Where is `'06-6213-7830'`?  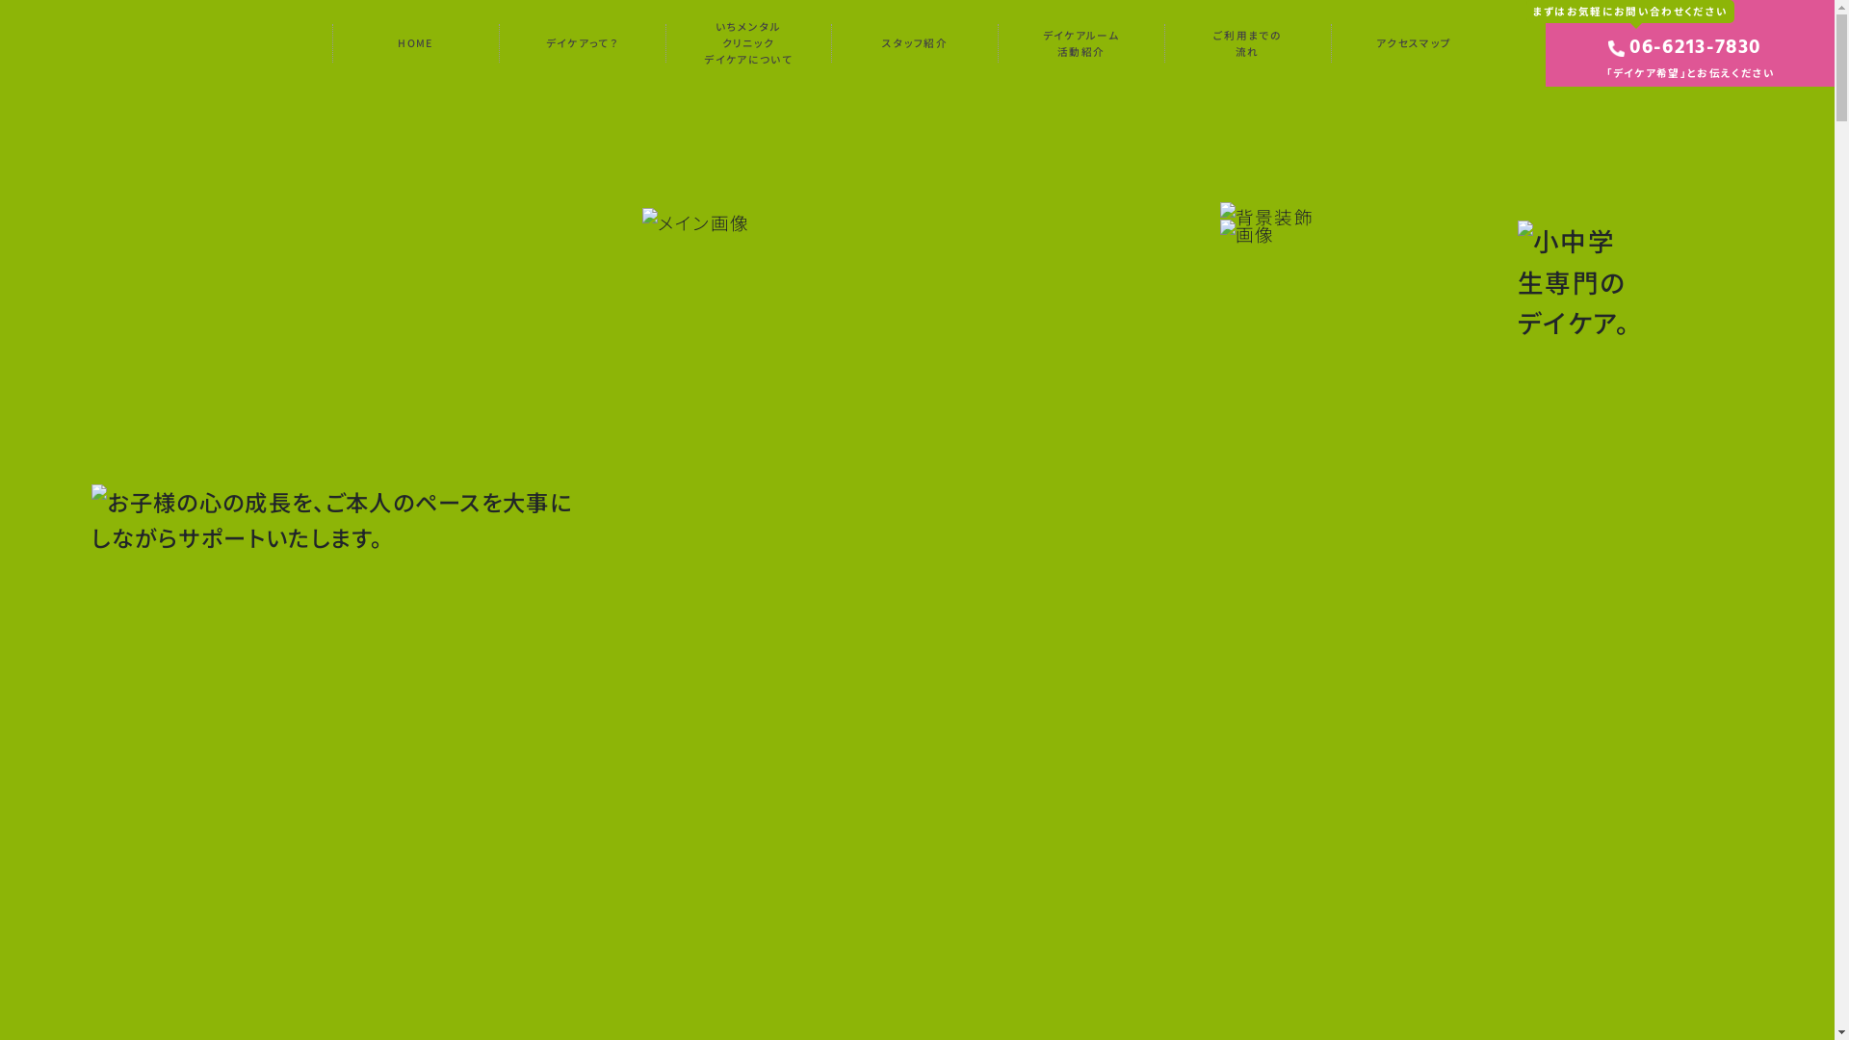 '06-6213-7830' is located at coordinates (1628, 47).